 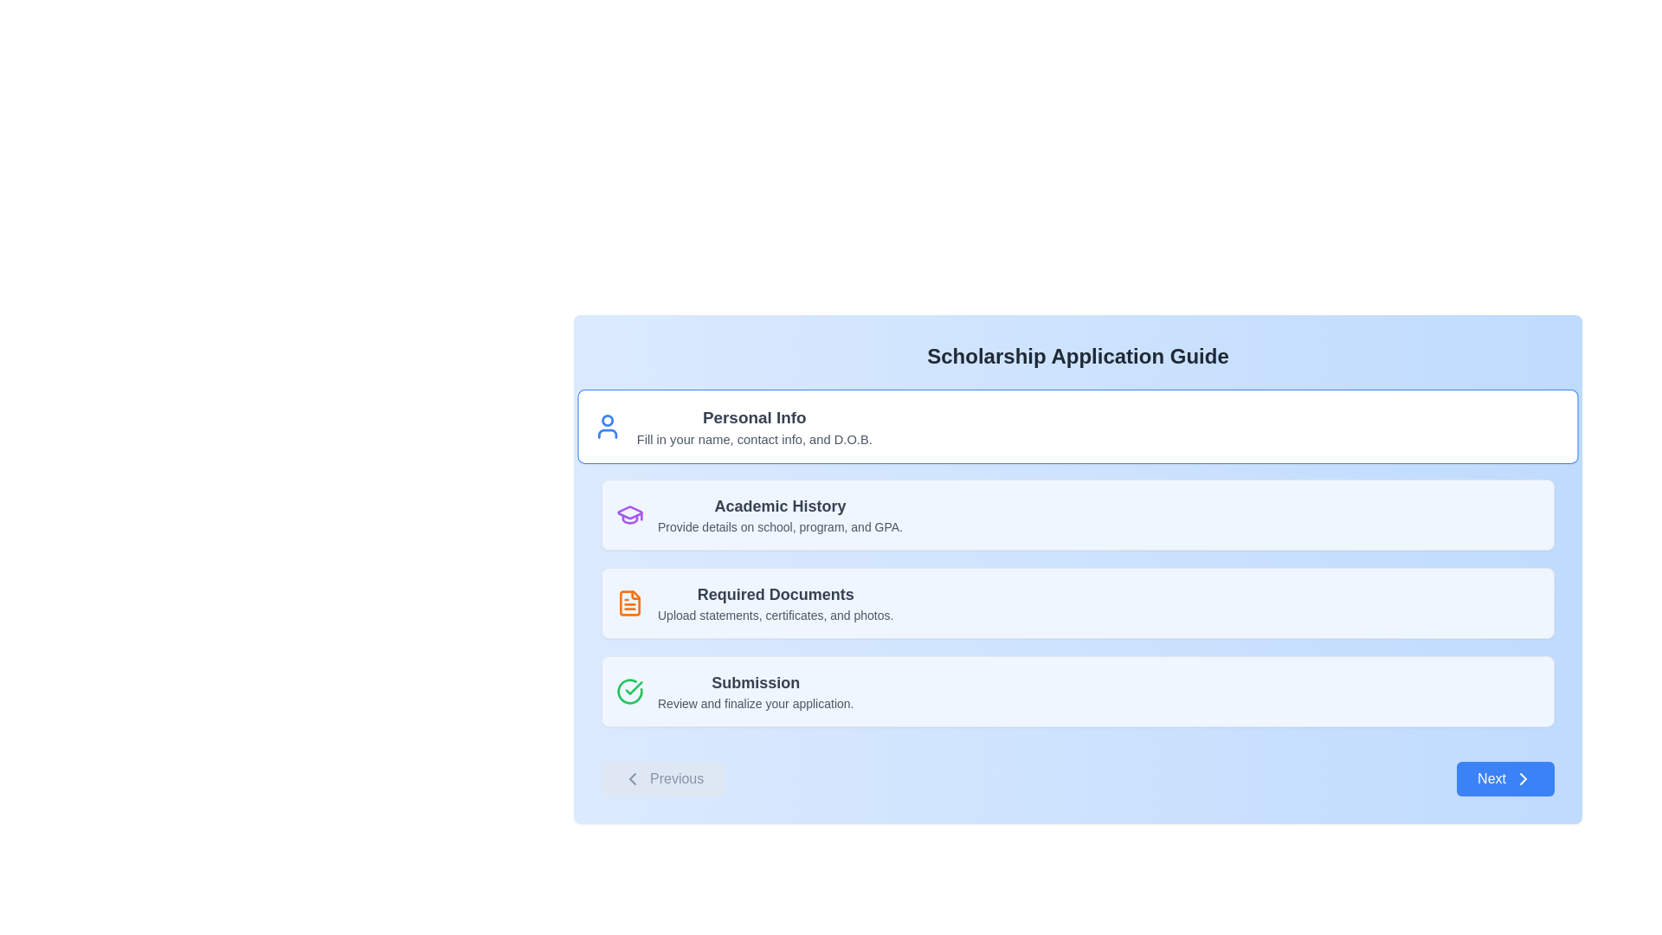 I want to click on the static text label providing guidance related to the 'Submission' stage, located directly below the 'Submission' text in the application process interface, so click(x=756, y=704).